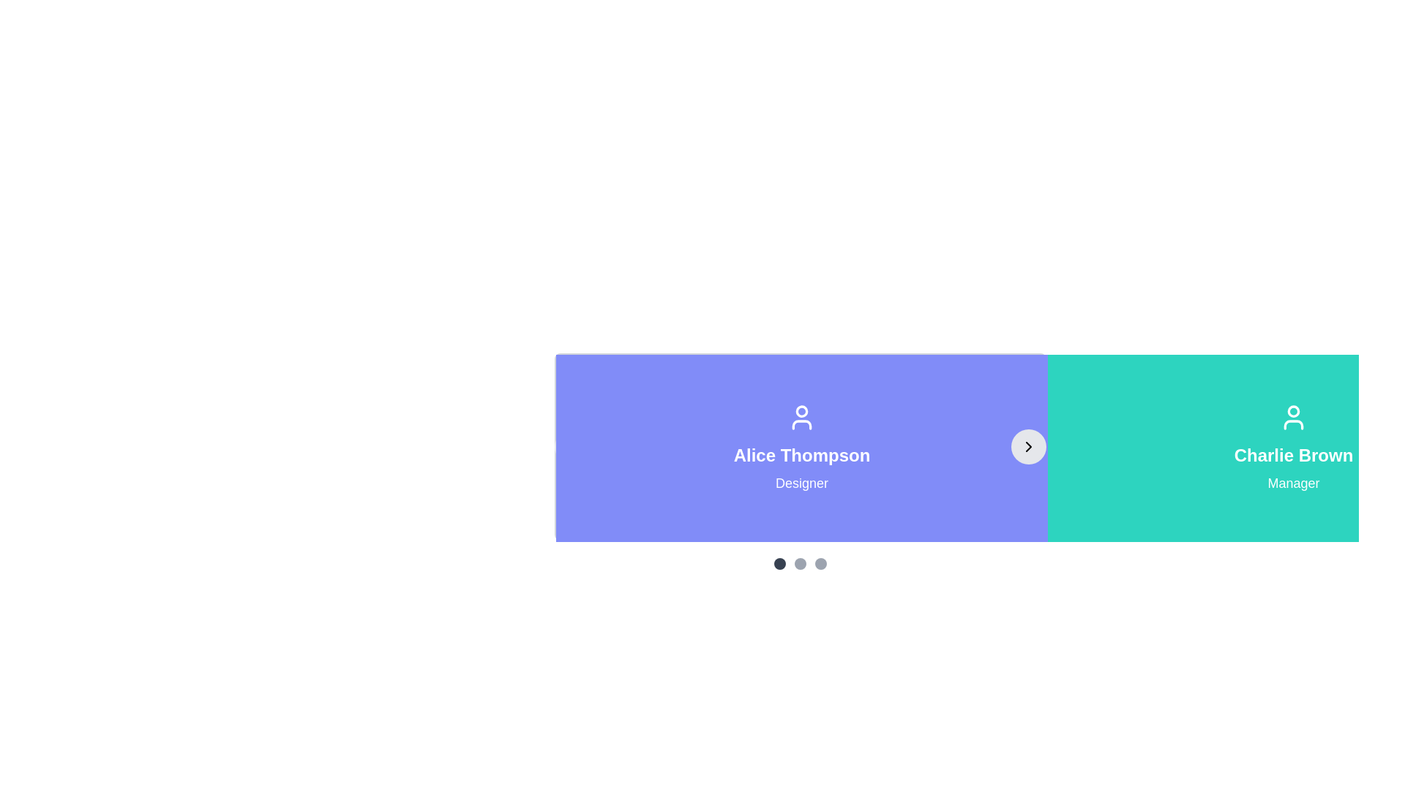  Describe the element at coordinates (821, 563) in the screenshot. I see `the small circular gray button that is the third in a horizontal group of three buttons, located beneath the content titled 'Alice Thompson'` at that location.